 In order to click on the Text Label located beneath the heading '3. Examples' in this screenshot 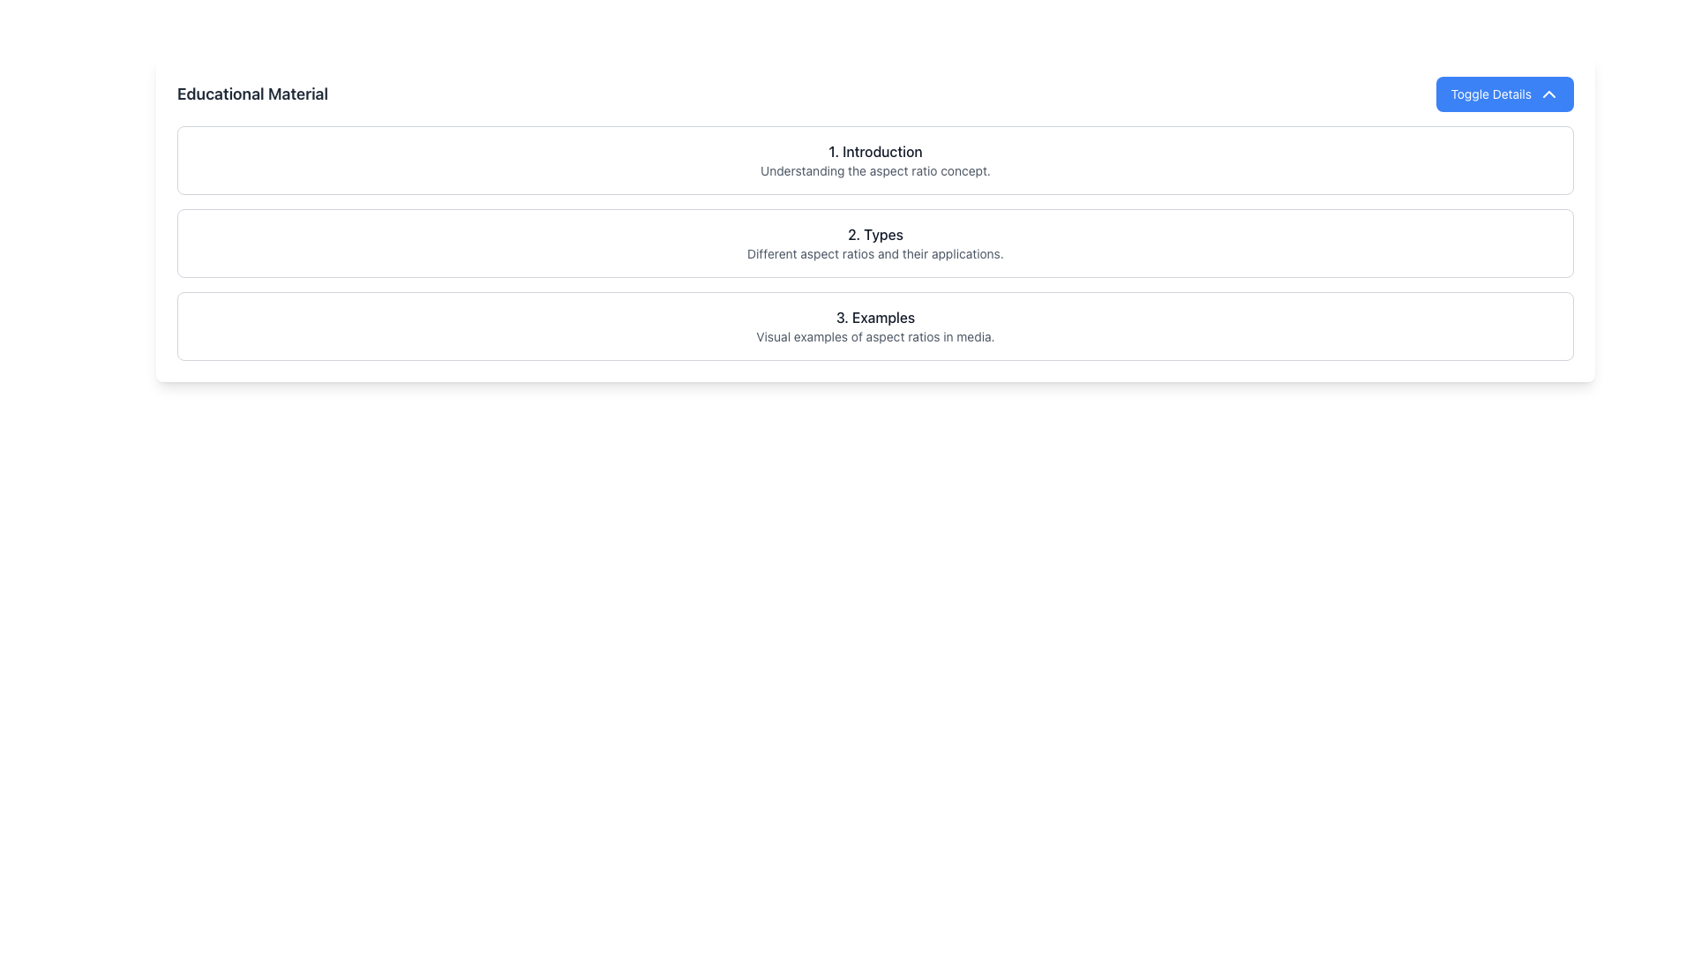, I will do `click(875, 336)`.